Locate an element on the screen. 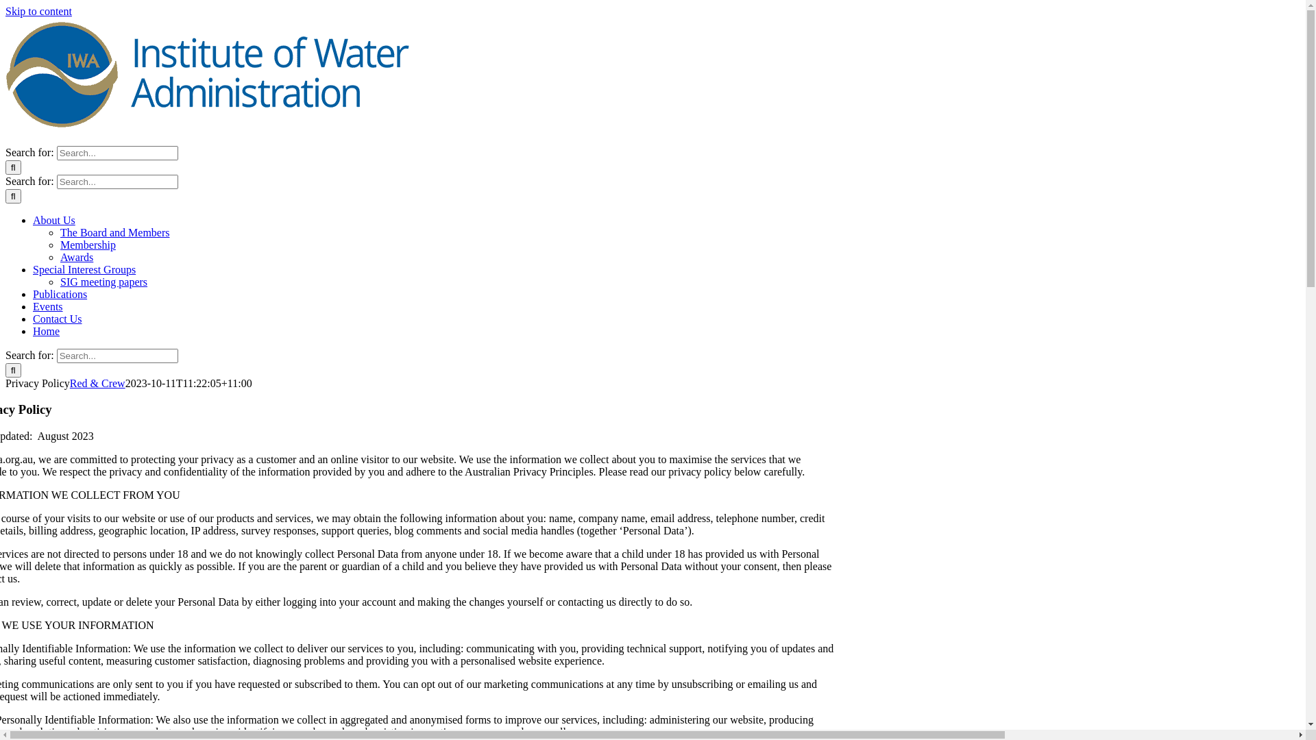 This screenshot has width=1316, height=740. 'The Board and Members' is located at coordinates (115, 232).